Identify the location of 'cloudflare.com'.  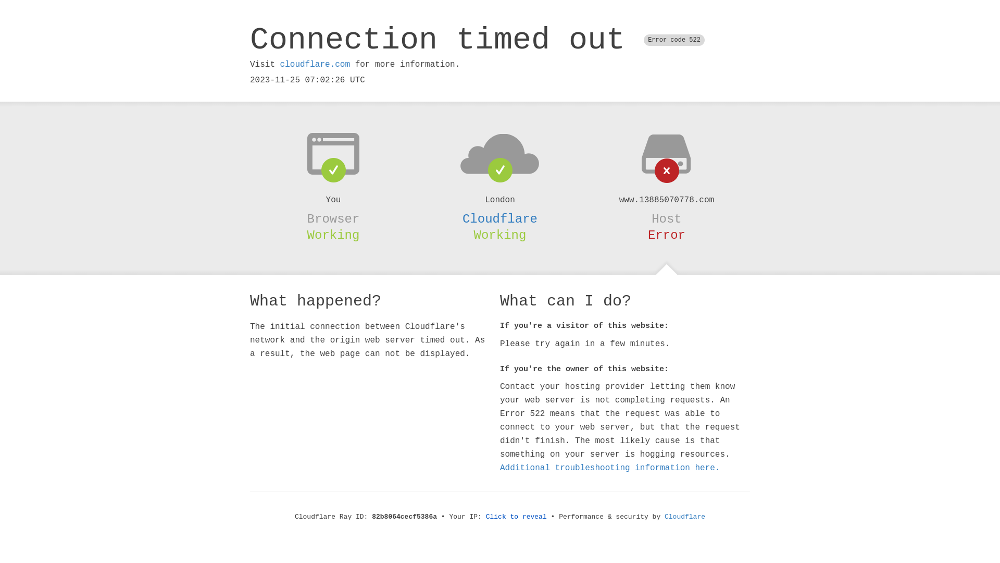
(314, 64).